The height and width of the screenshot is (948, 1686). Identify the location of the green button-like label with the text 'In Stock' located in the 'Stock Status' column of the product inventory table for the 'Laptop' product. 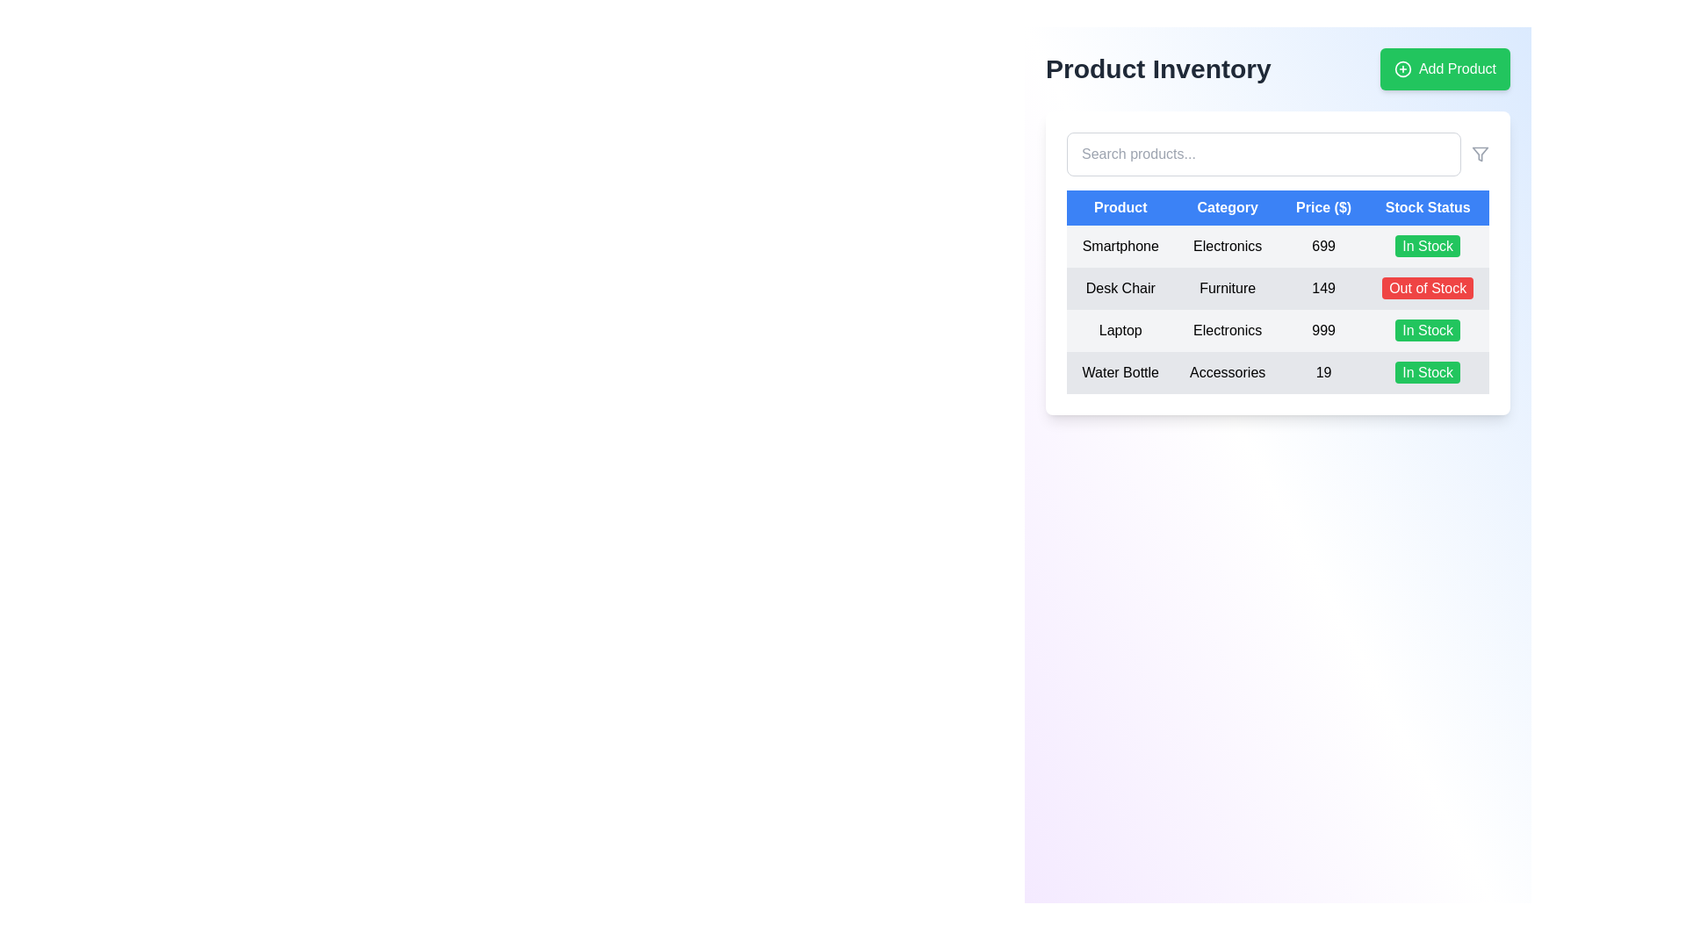
(1428, 330).